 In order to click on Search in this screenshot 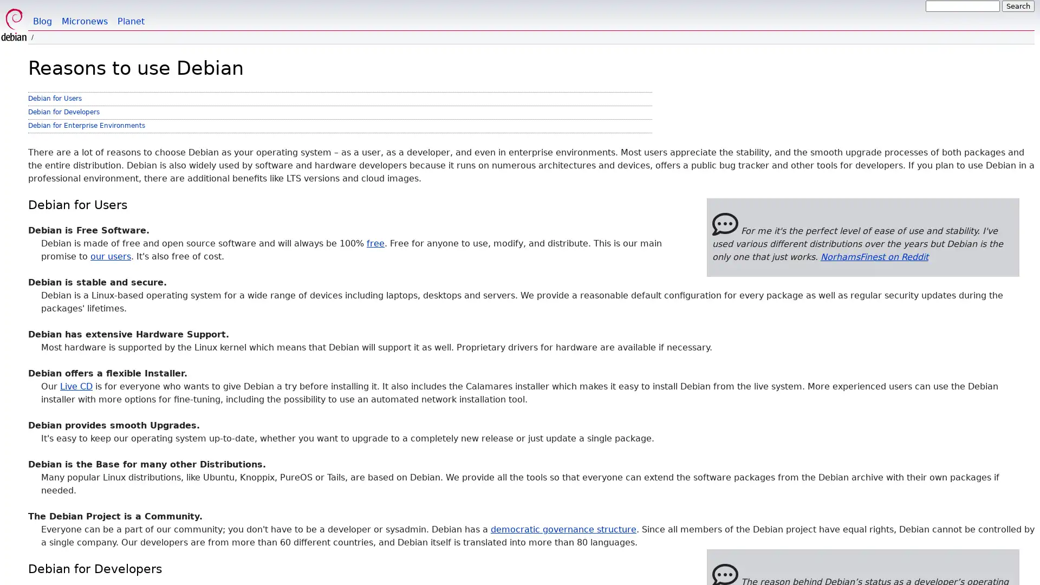, I will do `click(1018, 6)`.